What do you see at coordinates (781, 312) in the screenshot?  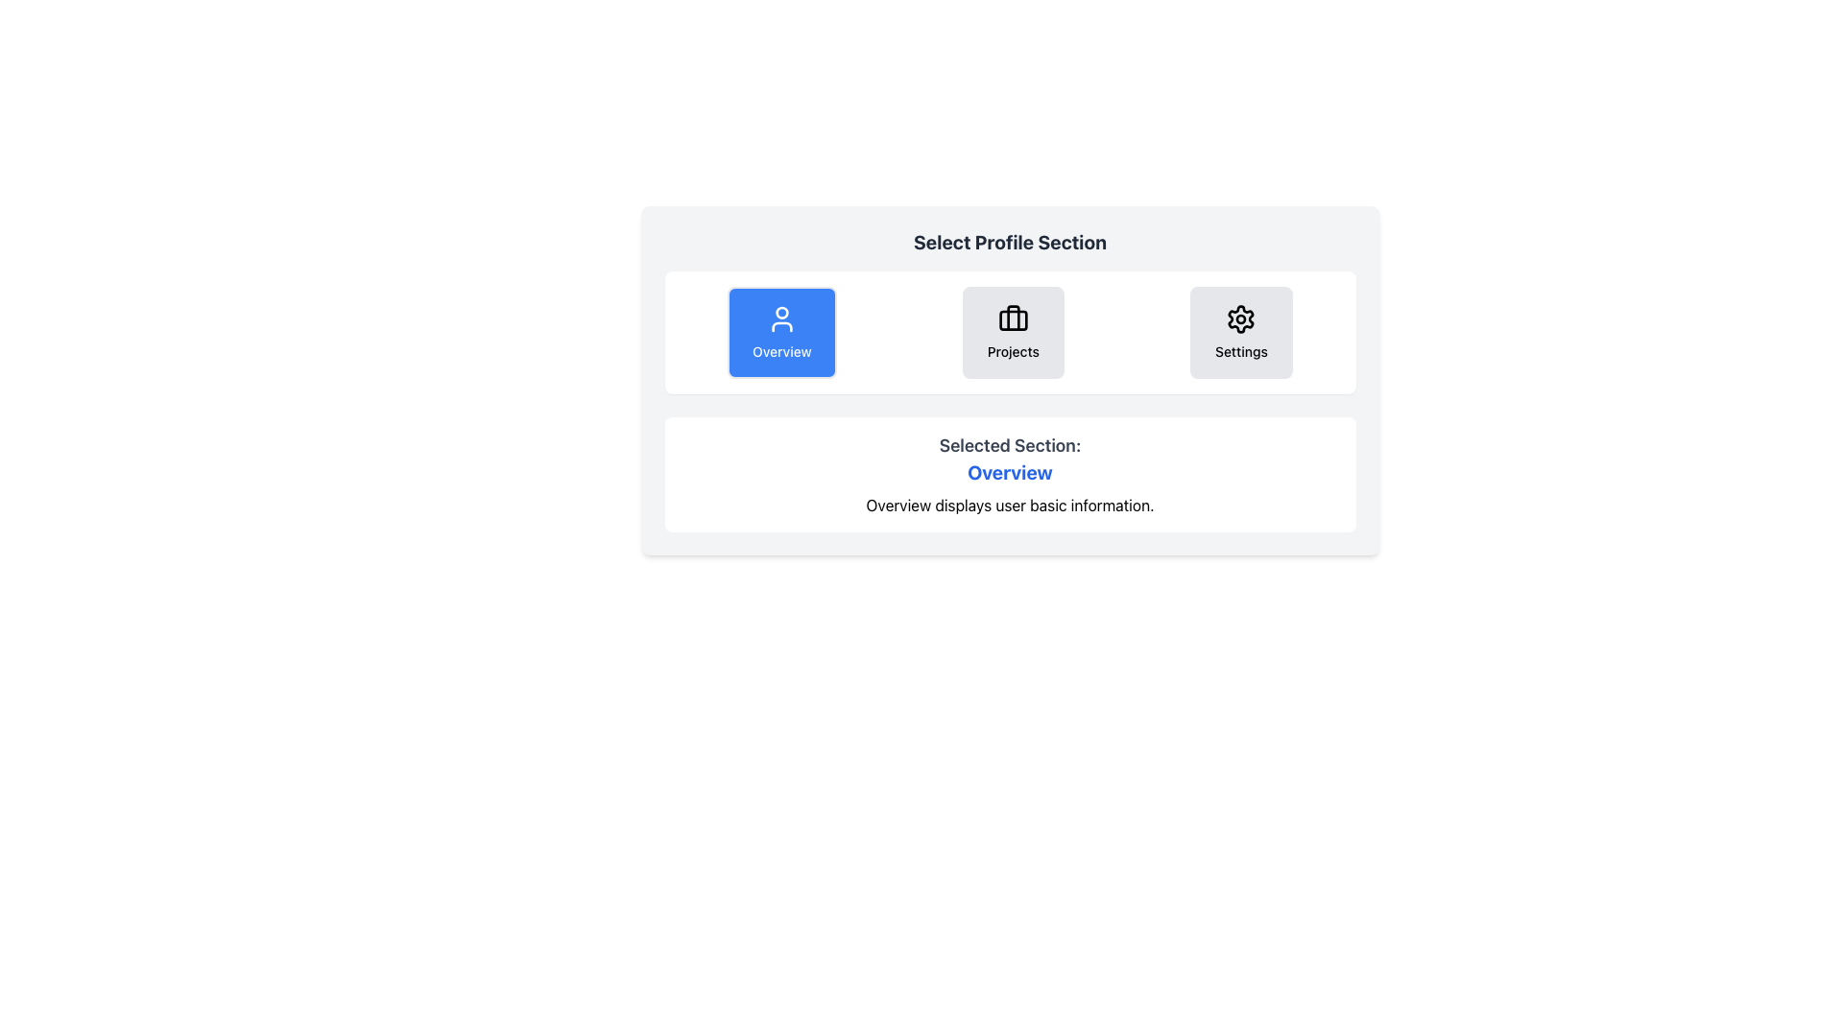 I see `circular outline element of the user profile icon, which is the first icon from the left in the selectable profile sections, using the developer tools` at bounding box center [781, 312].